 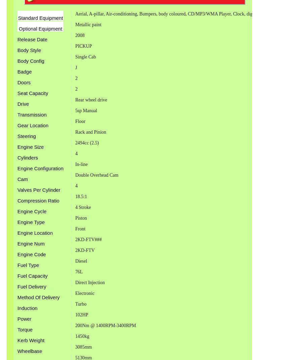 I want to click on 'Direct Injection', so click(x=90, y=282).